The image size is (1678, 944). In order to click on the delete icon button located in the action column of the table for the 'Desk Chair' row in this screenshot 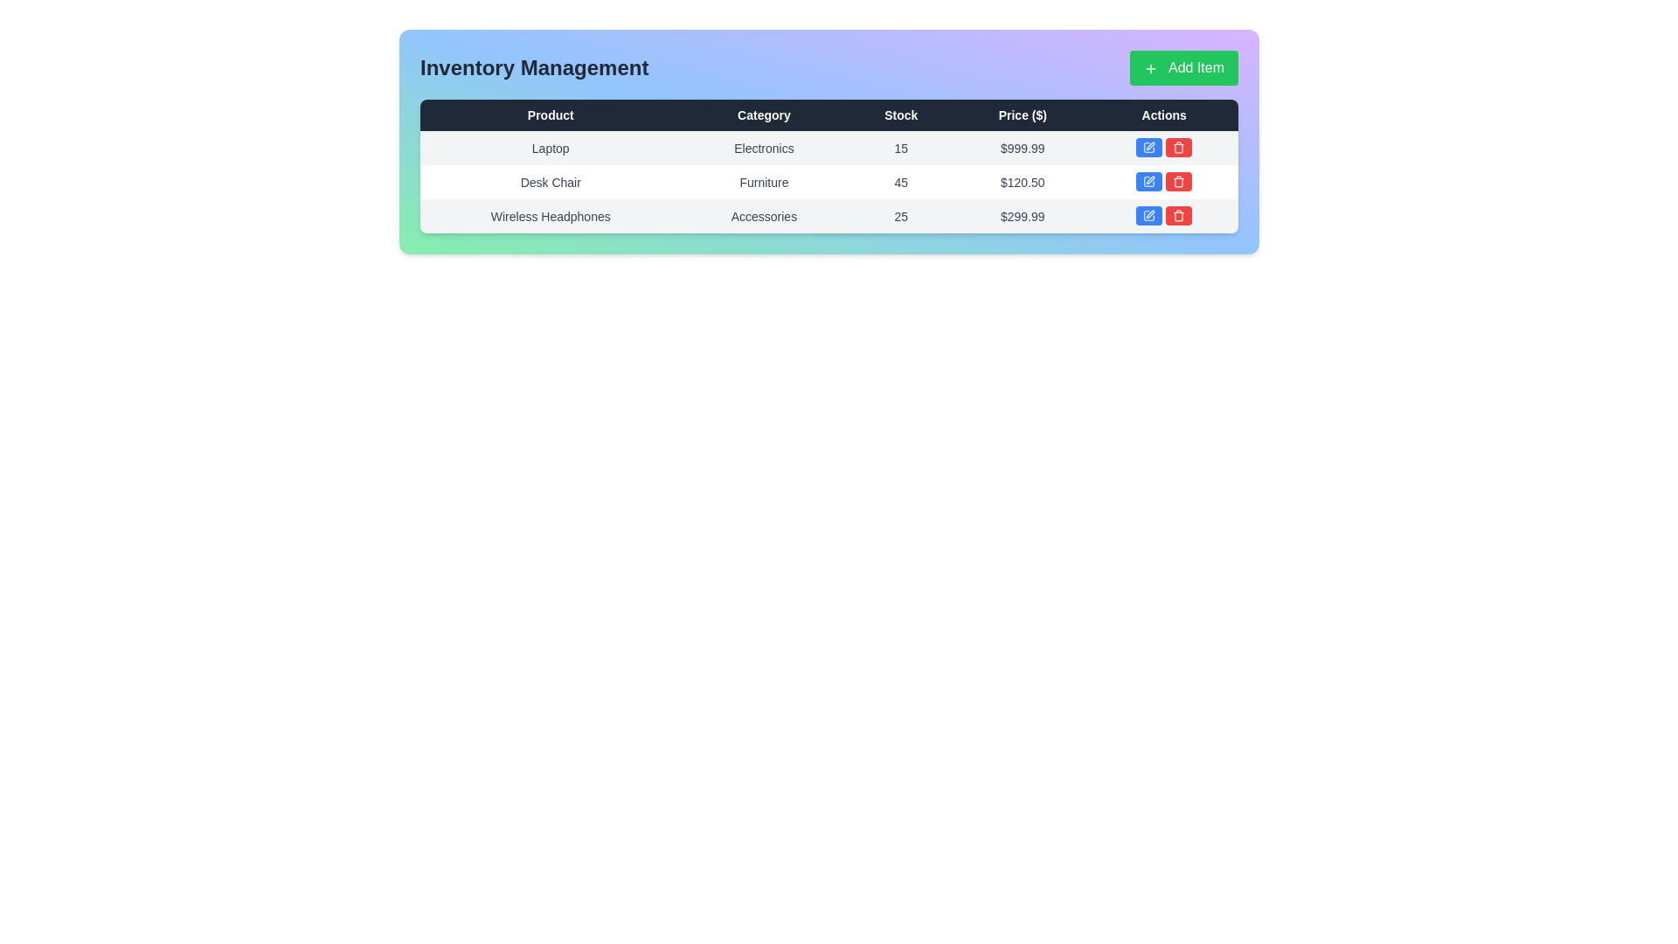, I will do `click(1179, 147)`.